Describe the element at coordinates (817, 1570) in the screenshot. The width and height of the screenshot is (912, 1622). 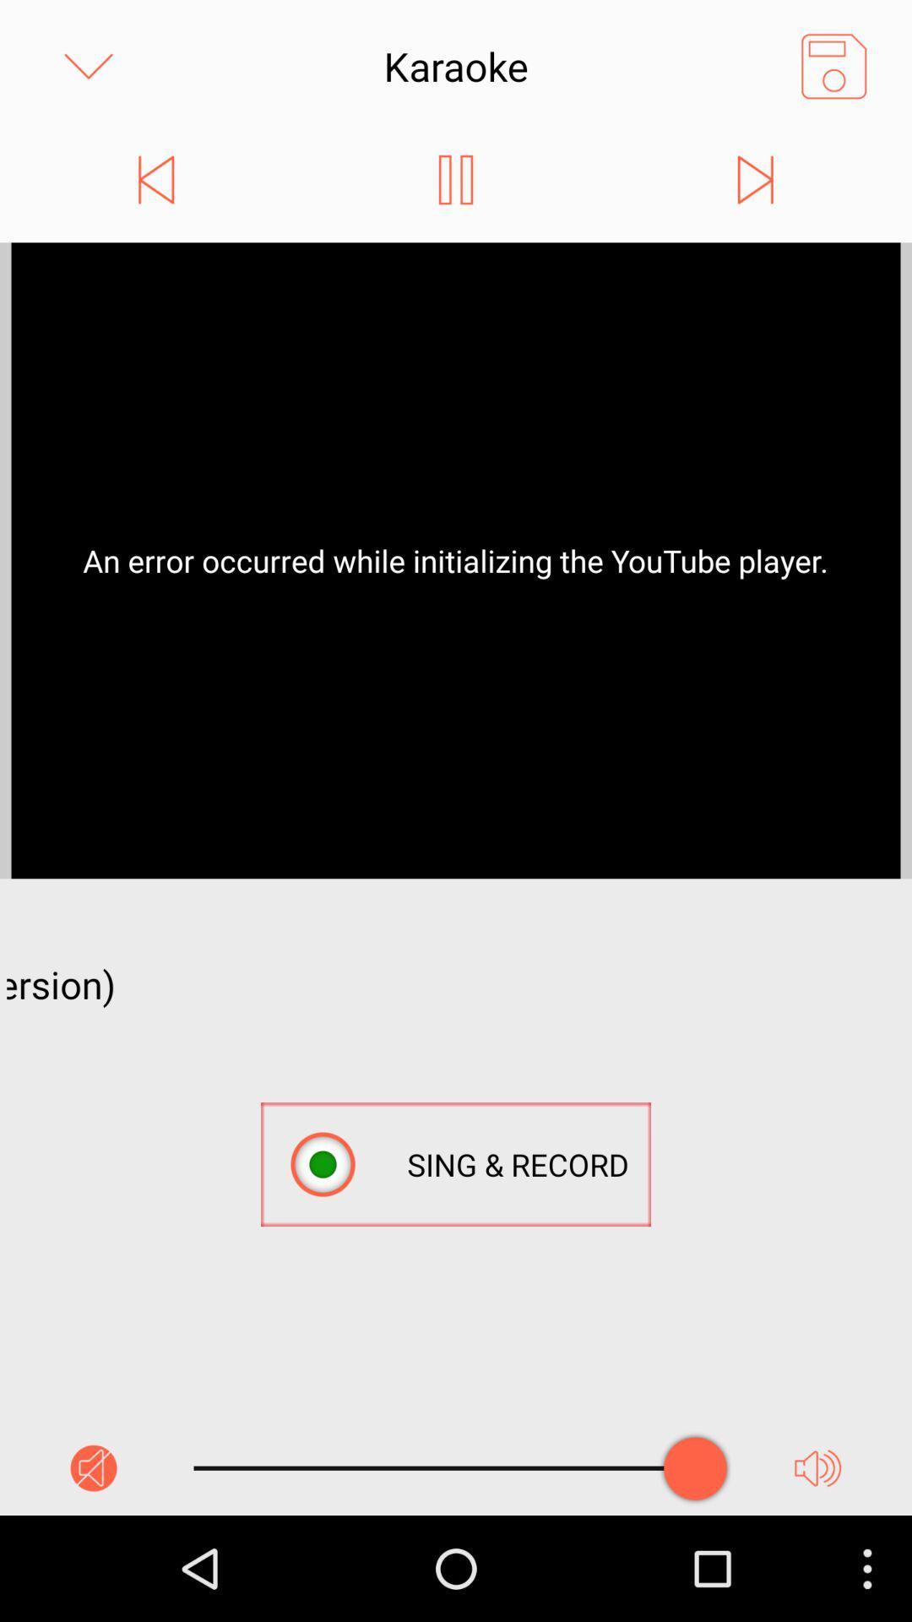
I see `the volume icon` at that location.